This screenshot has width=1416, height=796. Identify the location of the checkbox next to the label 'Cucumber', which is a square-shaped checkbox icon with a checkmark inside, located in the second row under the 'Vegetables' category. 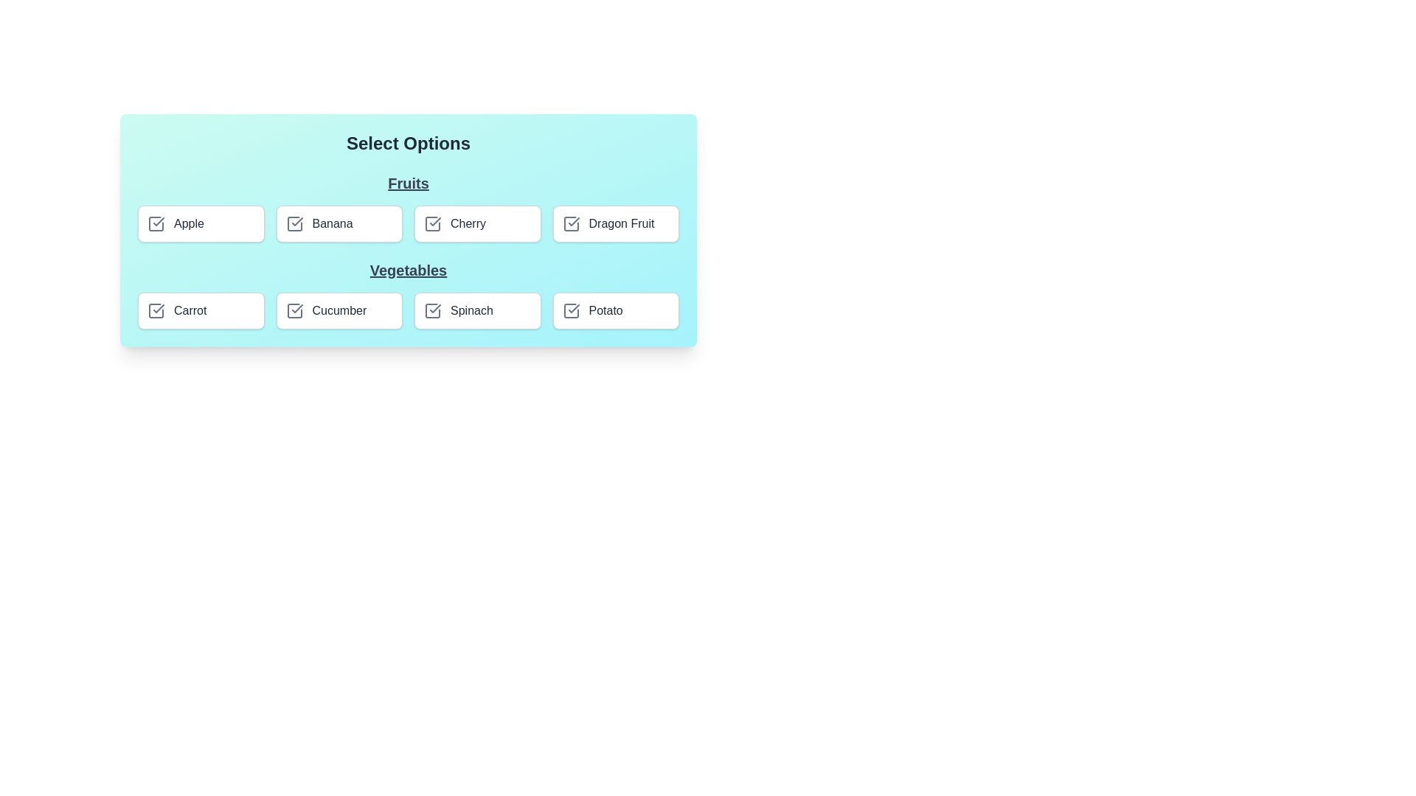
(294, 310).